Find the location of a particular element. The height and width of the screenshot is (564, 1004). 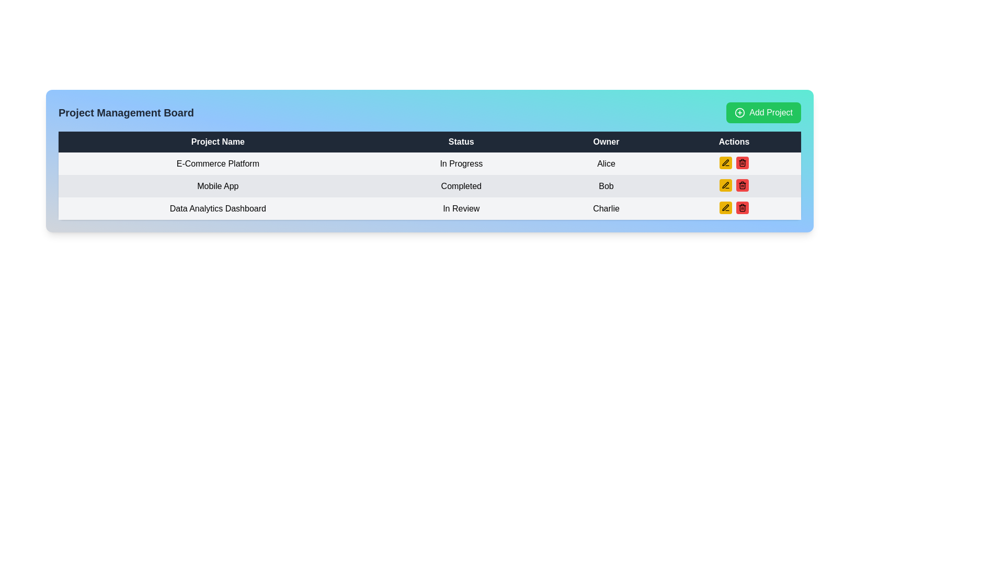

the row in the project management table that summarizes the 'Data Analytics Dashboard' project, which is currently 'In Review' and owned by 'Charlie' is located at coordinates (429, 208).